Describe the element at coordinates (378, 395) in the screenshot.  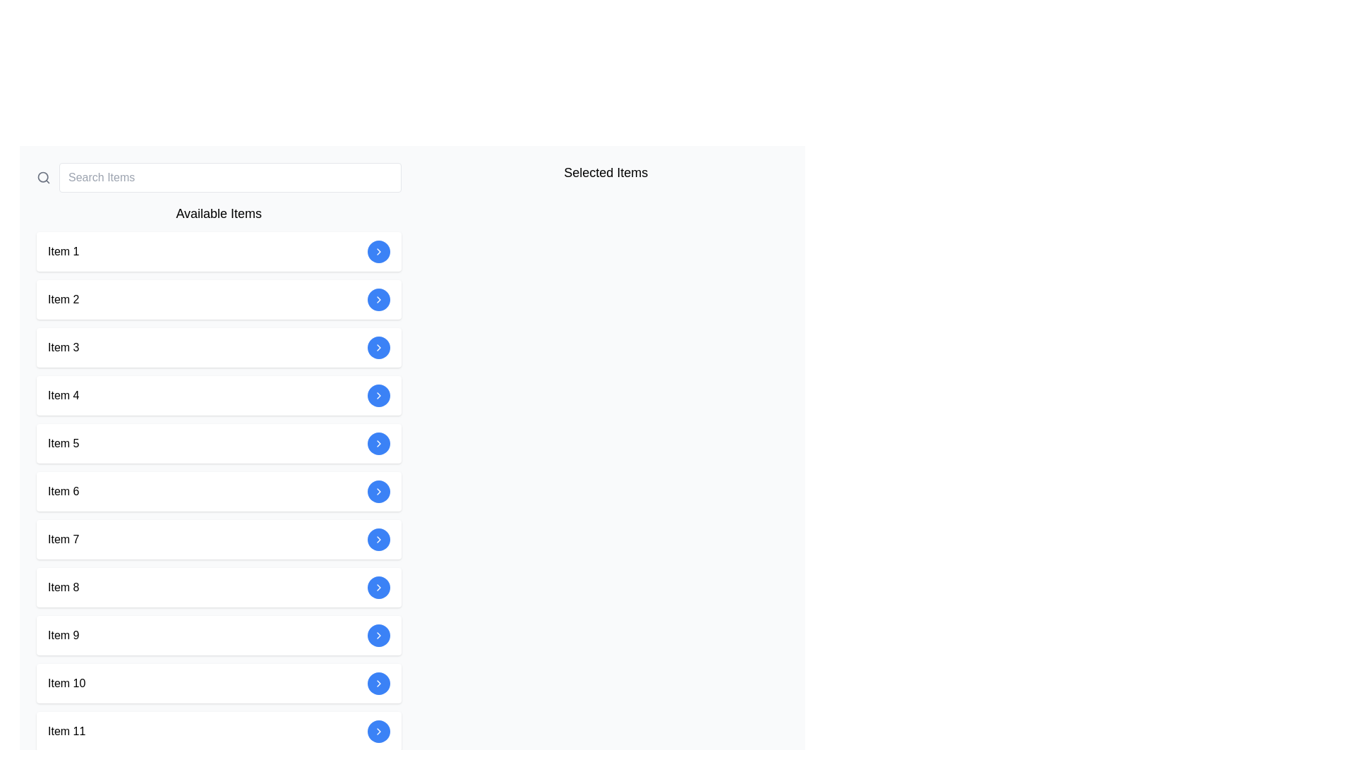
I see `the circular button with a blue background that serves as a navigation indicator for 'Item 4'` at that location.